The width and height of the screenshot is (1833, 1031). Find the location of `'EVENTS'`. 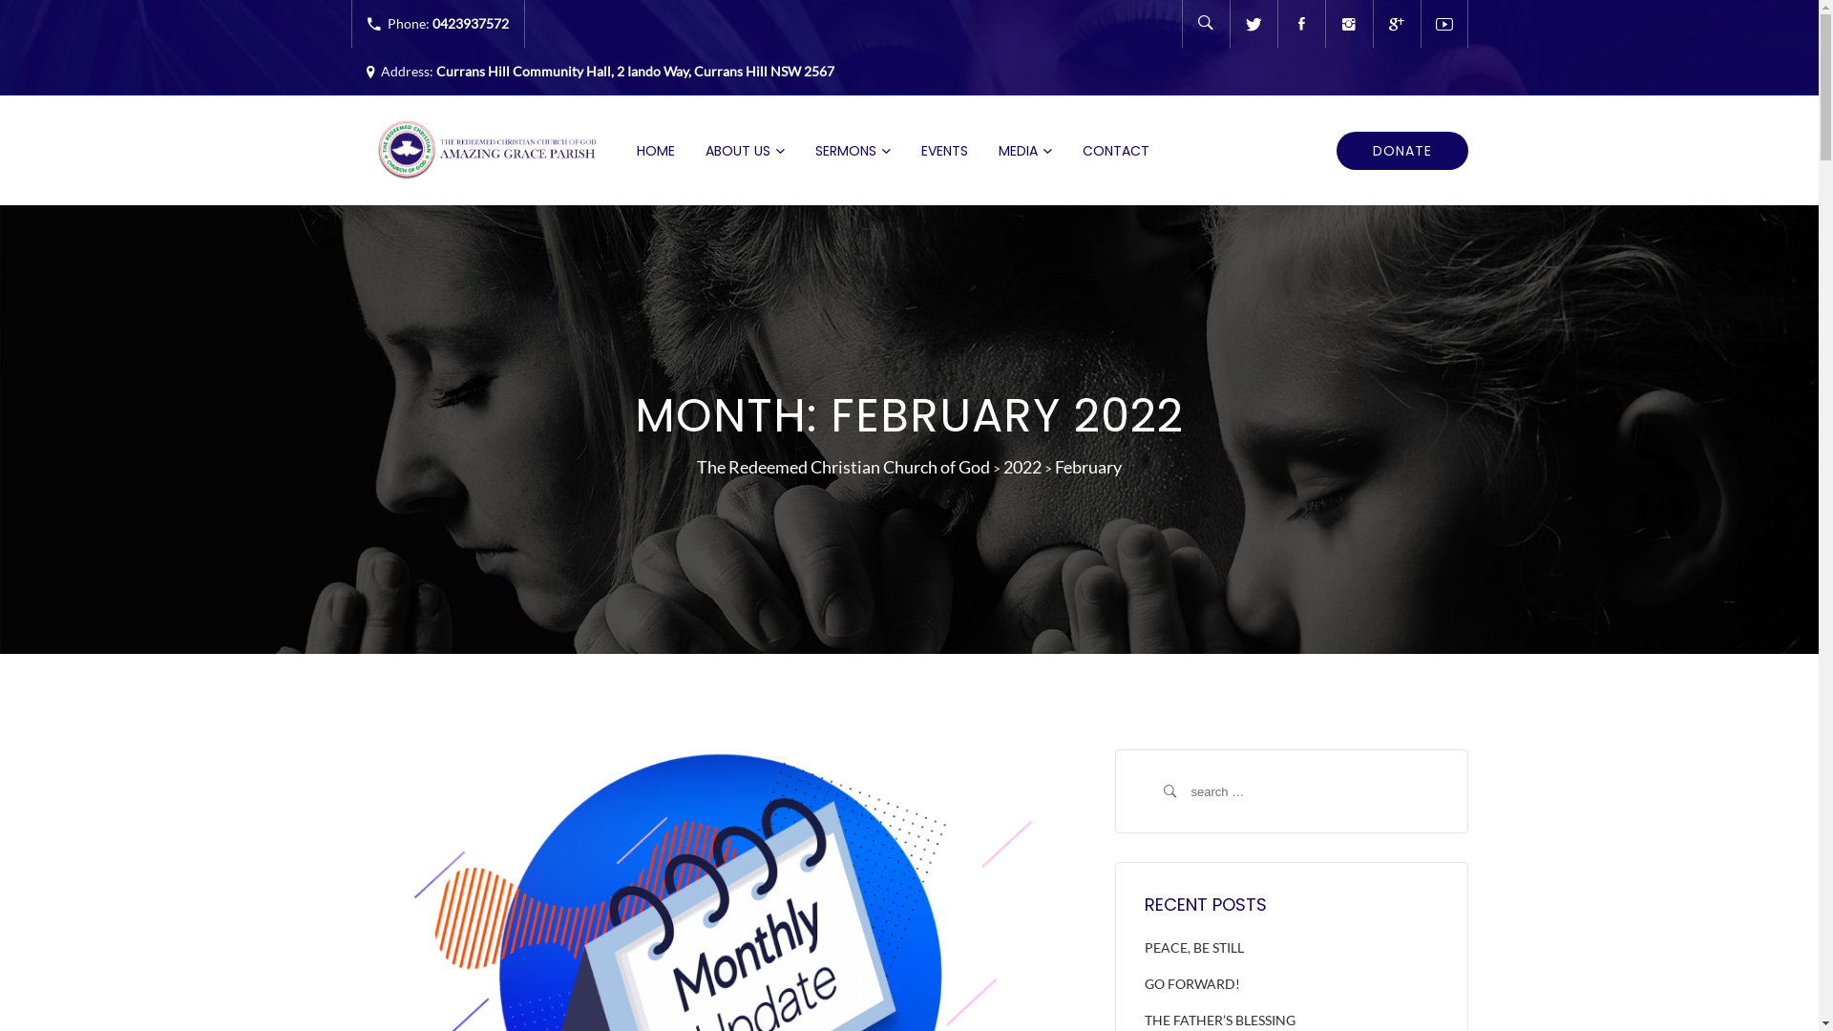

'EVENTS' is located at coordinates (943, 150).